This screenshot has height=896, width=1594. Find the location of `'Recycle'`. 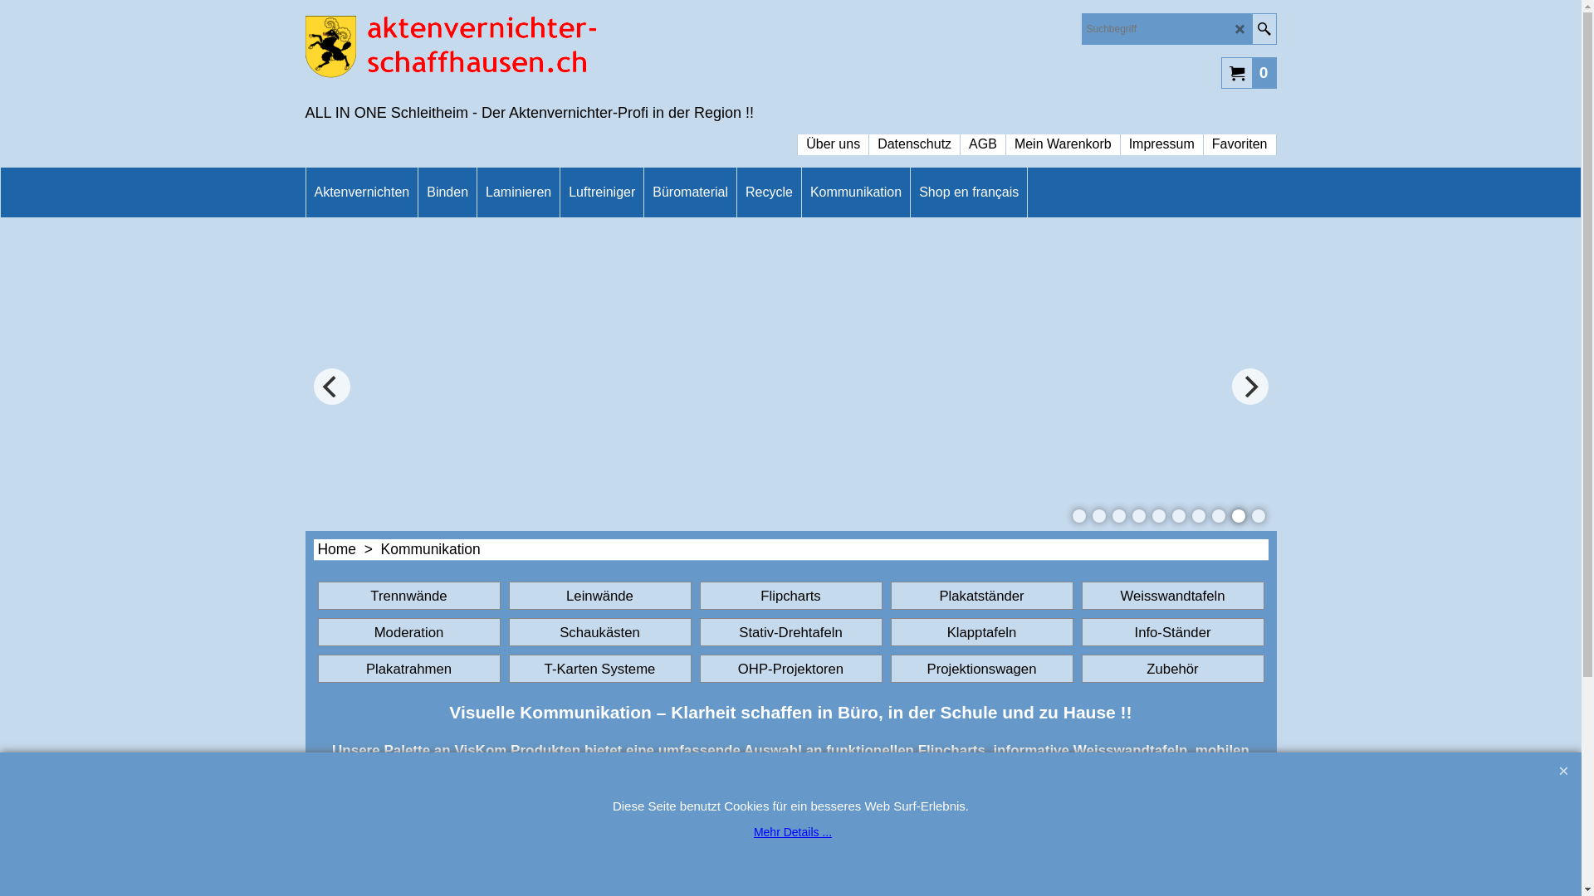

'Recycle' is located at coordinates (768, 191).